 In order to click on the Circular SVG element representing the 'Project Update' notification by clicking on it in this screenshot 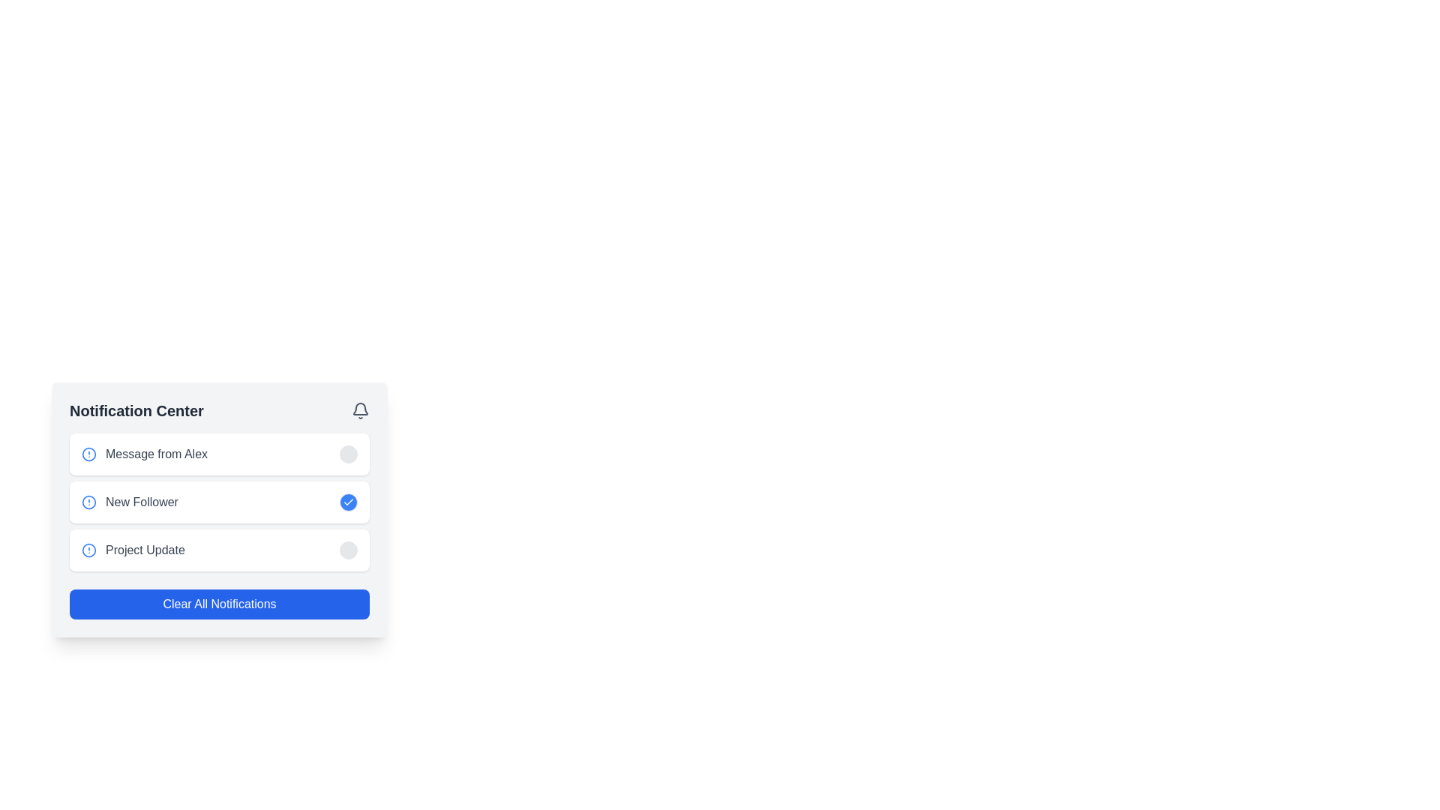, I will do `click(88, 550)`.